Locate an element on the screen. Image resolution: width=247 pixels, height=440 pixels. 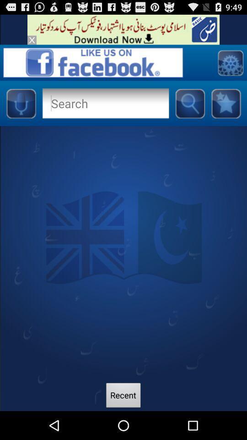
the settings icon is located at coordinates (230, 66).